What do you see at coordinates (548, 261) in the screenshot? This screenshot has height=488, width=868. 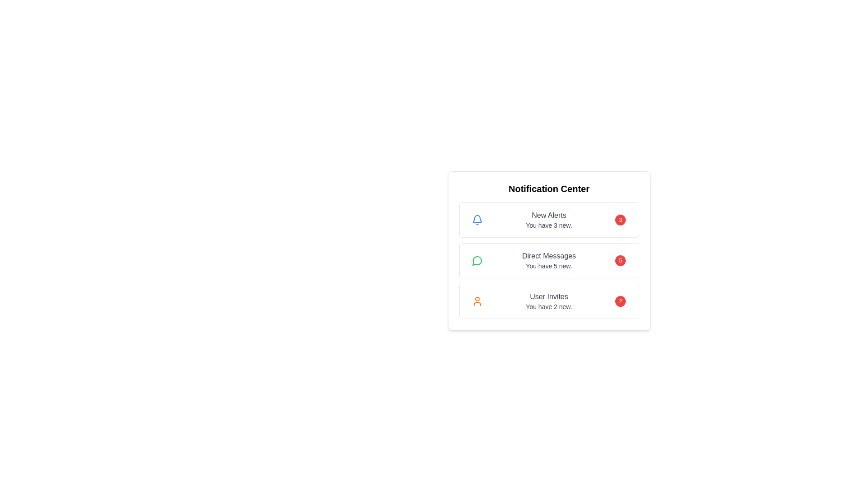 I see `the notification count in the vertical list of the Notification Center to trigger a tooltip` at bounding box center [548, 261].